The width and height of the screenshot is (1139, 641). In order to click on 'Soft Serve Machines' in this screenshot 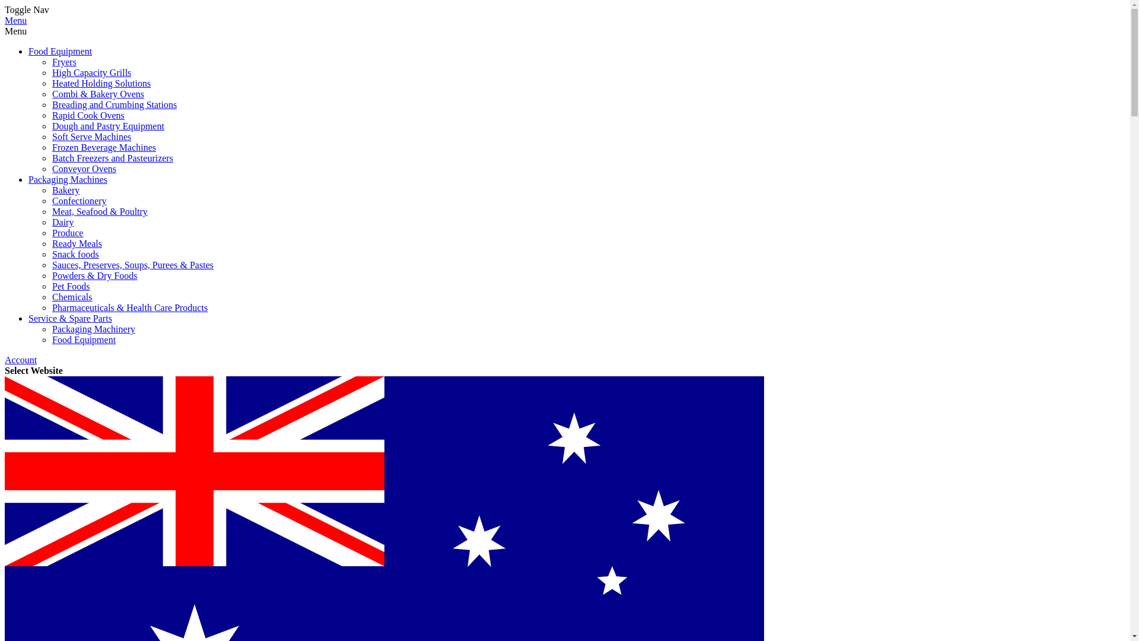, I will do `click(91, 136)`.